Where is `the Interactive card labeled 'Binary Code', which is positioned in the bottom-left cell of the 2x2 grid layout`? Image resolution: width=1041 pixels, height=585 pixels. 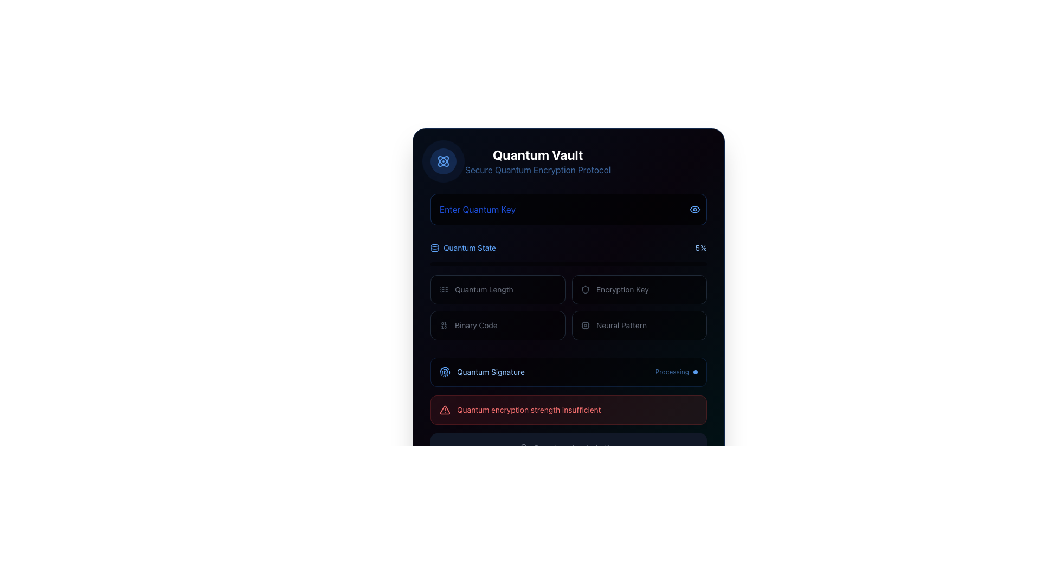 the Interactive card labeled 'Binary Code', which is positioned in the bottom-left cell of the 2x2 grid layout is located at coordinates (497, 325).